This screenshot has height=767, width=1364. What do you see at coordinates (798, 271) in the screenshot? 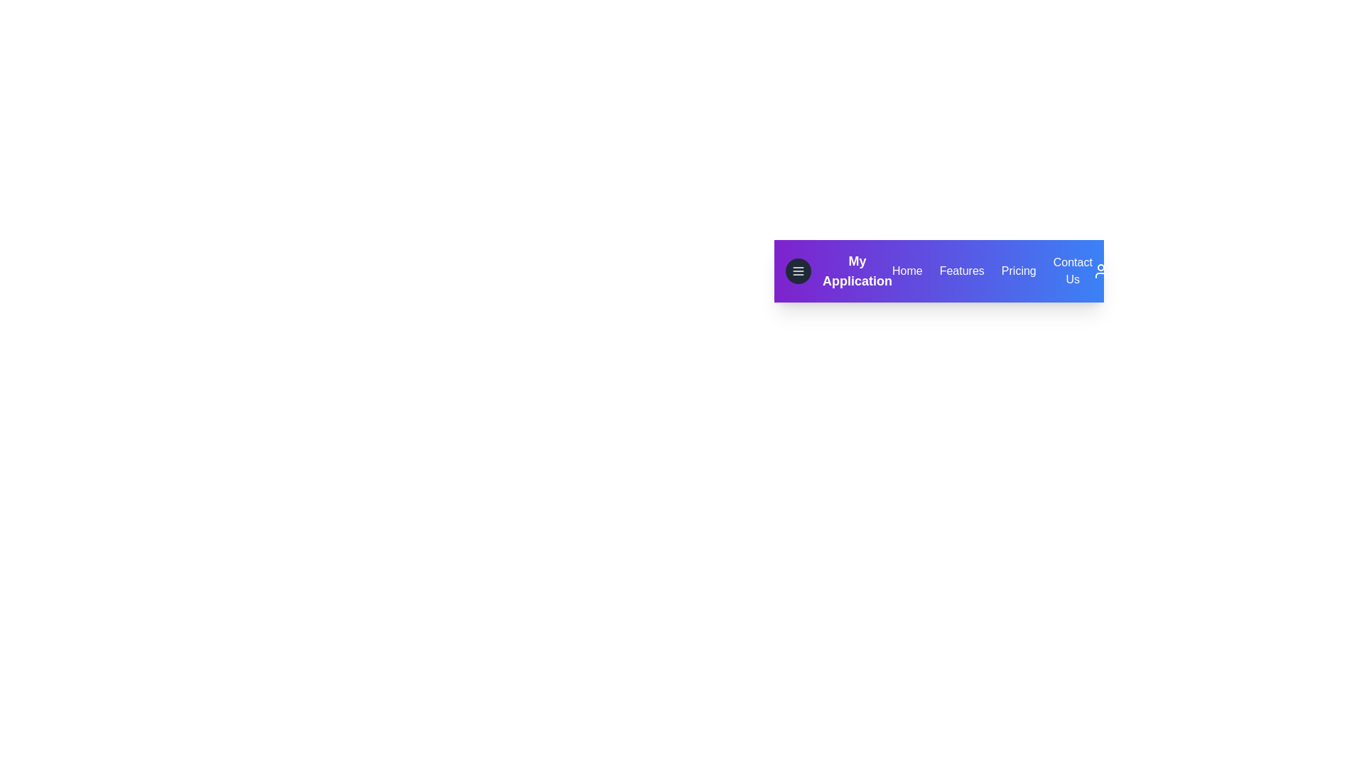
I see `the menu icon to open the menu` at bounding box center [798, 271].